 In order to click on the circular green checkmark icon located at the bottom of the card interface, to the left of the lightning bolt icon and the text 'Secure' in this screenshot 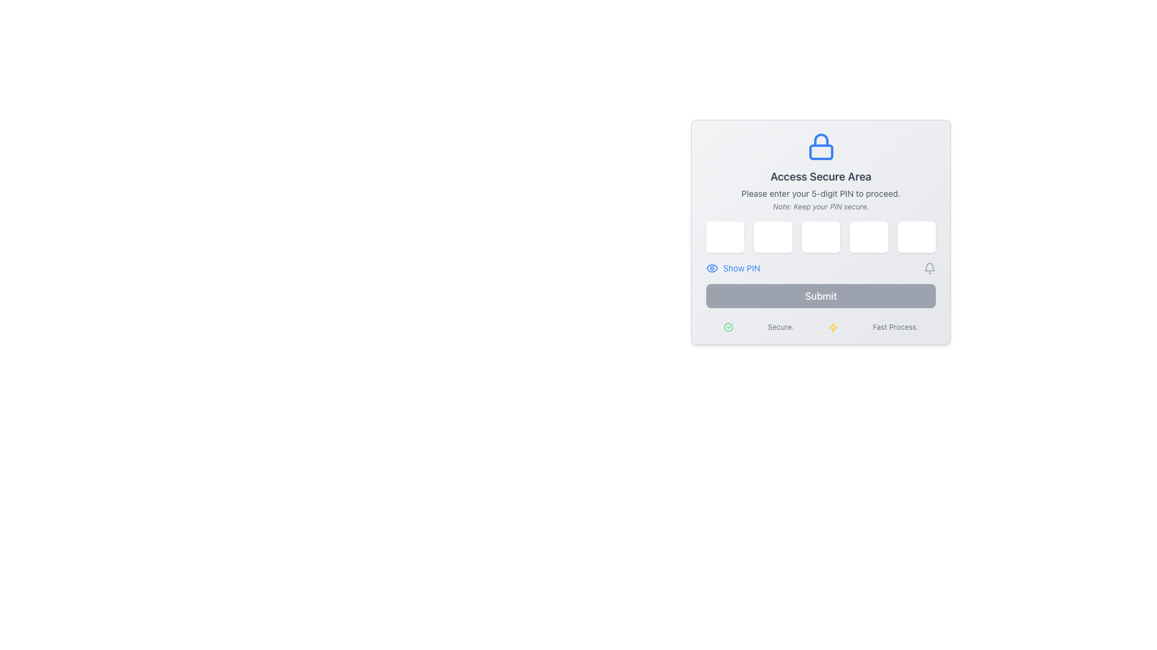, I will do `click(727, 327)`.